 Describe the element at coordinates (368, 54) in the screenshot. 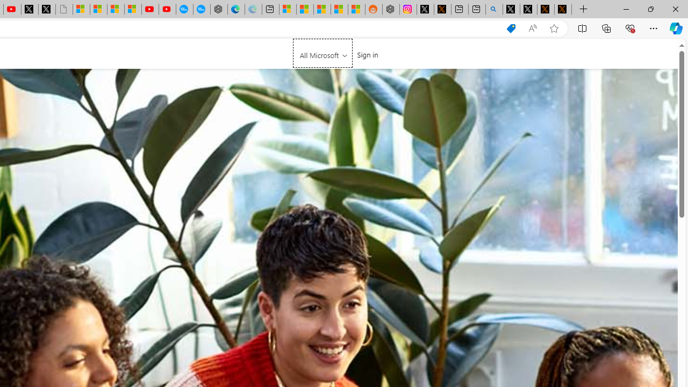

I see `'Sign in'` at that location.